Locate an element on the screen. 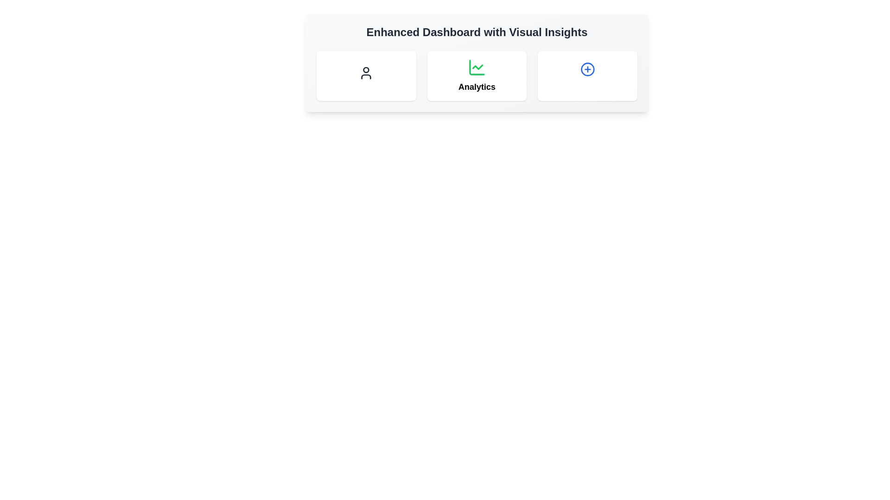 This screenshot has height=500, width=890. the user icon button, which is the leftmost button in a horizontal row under the title 'Enhanced Dashboard with Visual Insights' is located at coordinates (366, 73).